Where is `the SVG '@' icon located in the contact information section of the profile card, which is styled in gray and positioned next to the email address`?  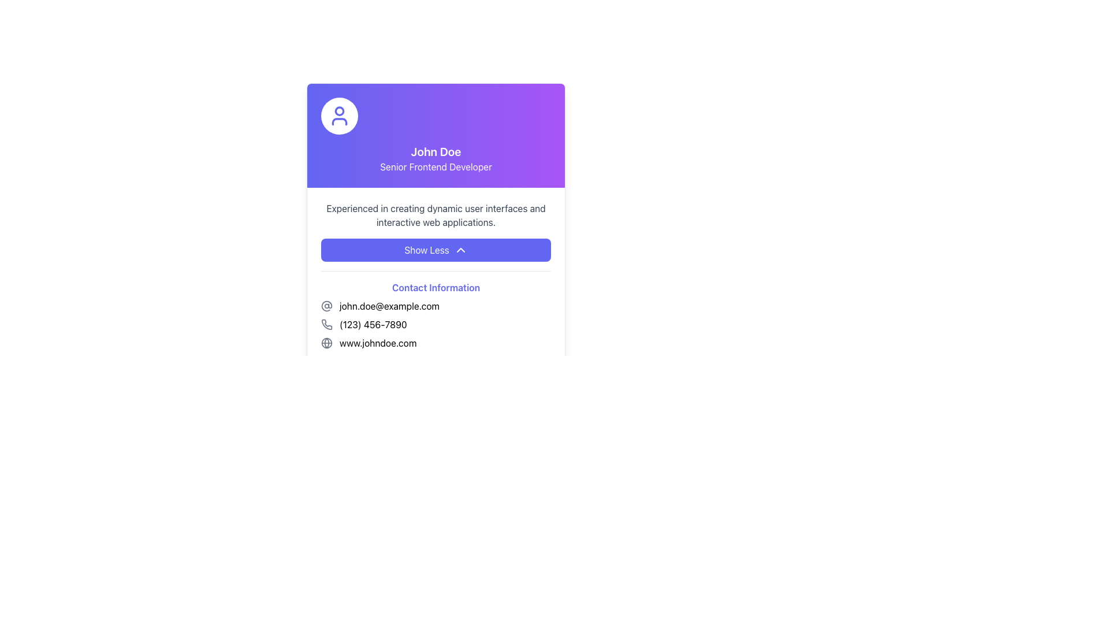 the SVG '@' icon located in the contact information section of the profile card, which is styled in gray and positioned next to the email address is located at coordinates (326, 305).